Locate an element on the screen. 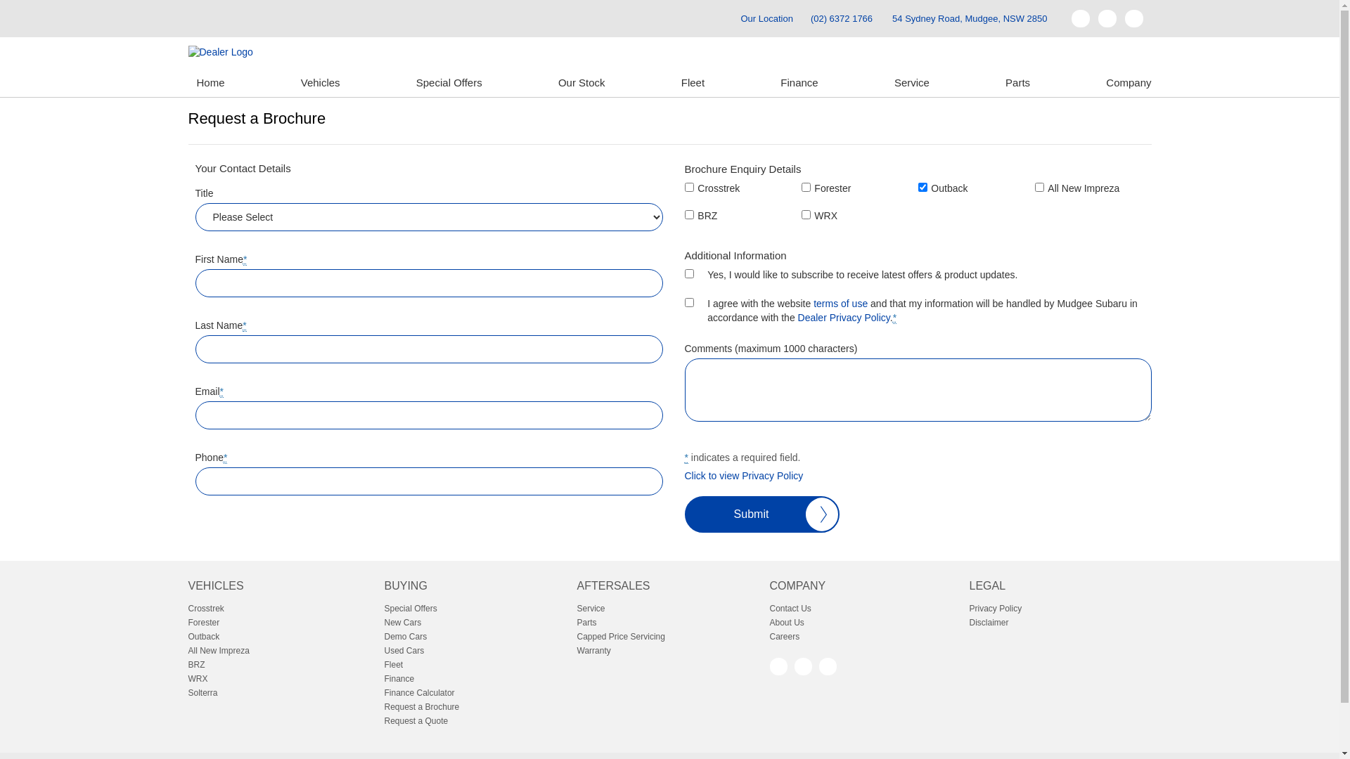 This screenshot has height=759, width=1350. 'Fleet' is located at coordinates (693, 82).